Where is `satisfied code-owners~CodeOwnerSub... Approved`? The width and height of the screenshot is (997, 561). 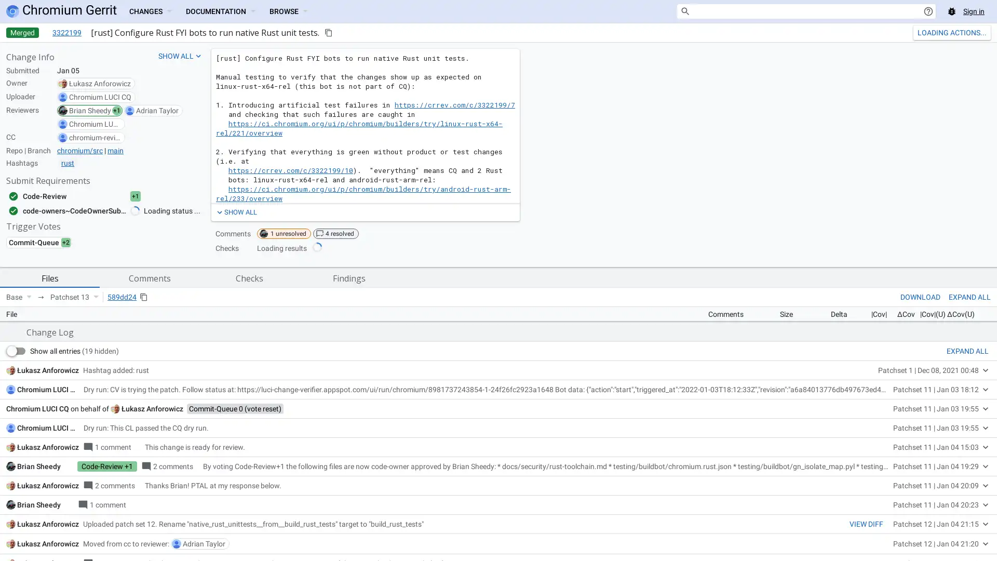 satisfied code-owners~CodeOwnerSub... Approved is located at coordinates (85, 210).